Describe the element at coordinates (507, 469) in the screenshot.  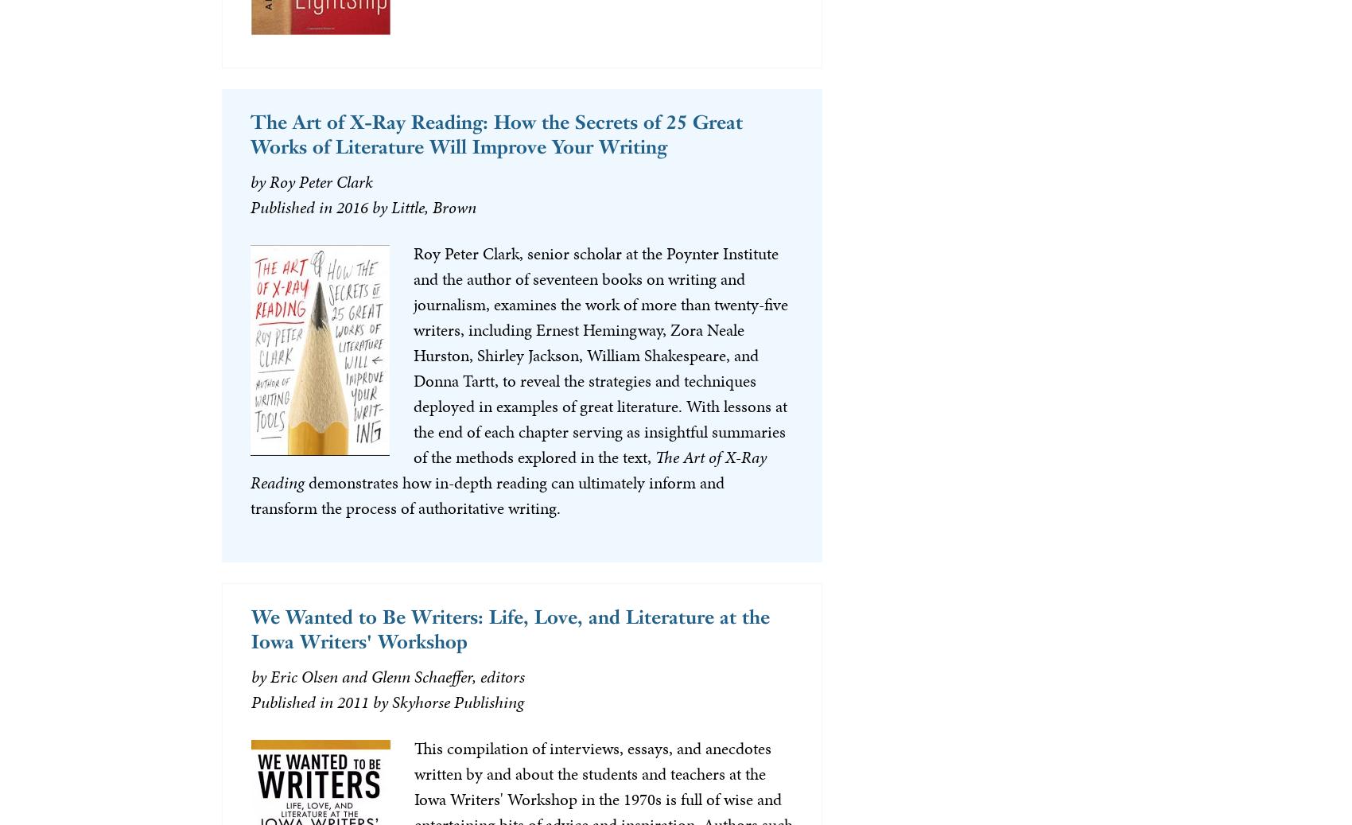
I see `'The Art of X-Ray Reading'` at that location.